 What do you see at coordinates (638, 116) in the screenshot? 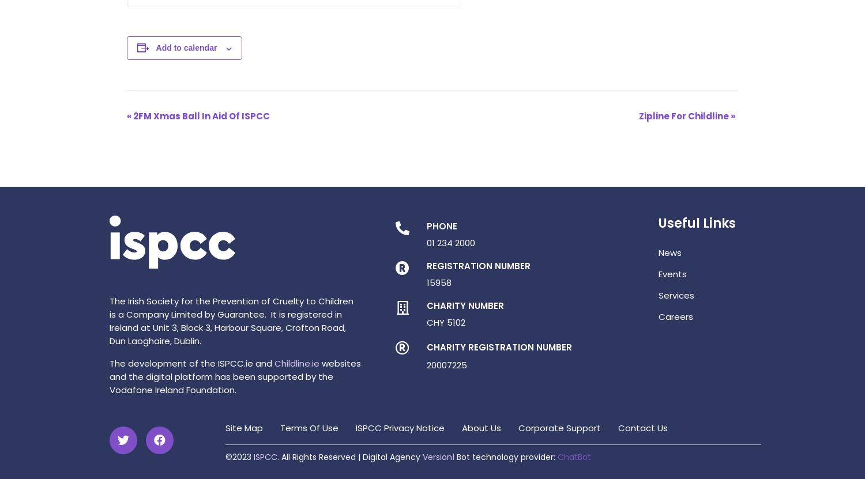
I see `'Zipline For Childline'` at bounding box center [638, 116].